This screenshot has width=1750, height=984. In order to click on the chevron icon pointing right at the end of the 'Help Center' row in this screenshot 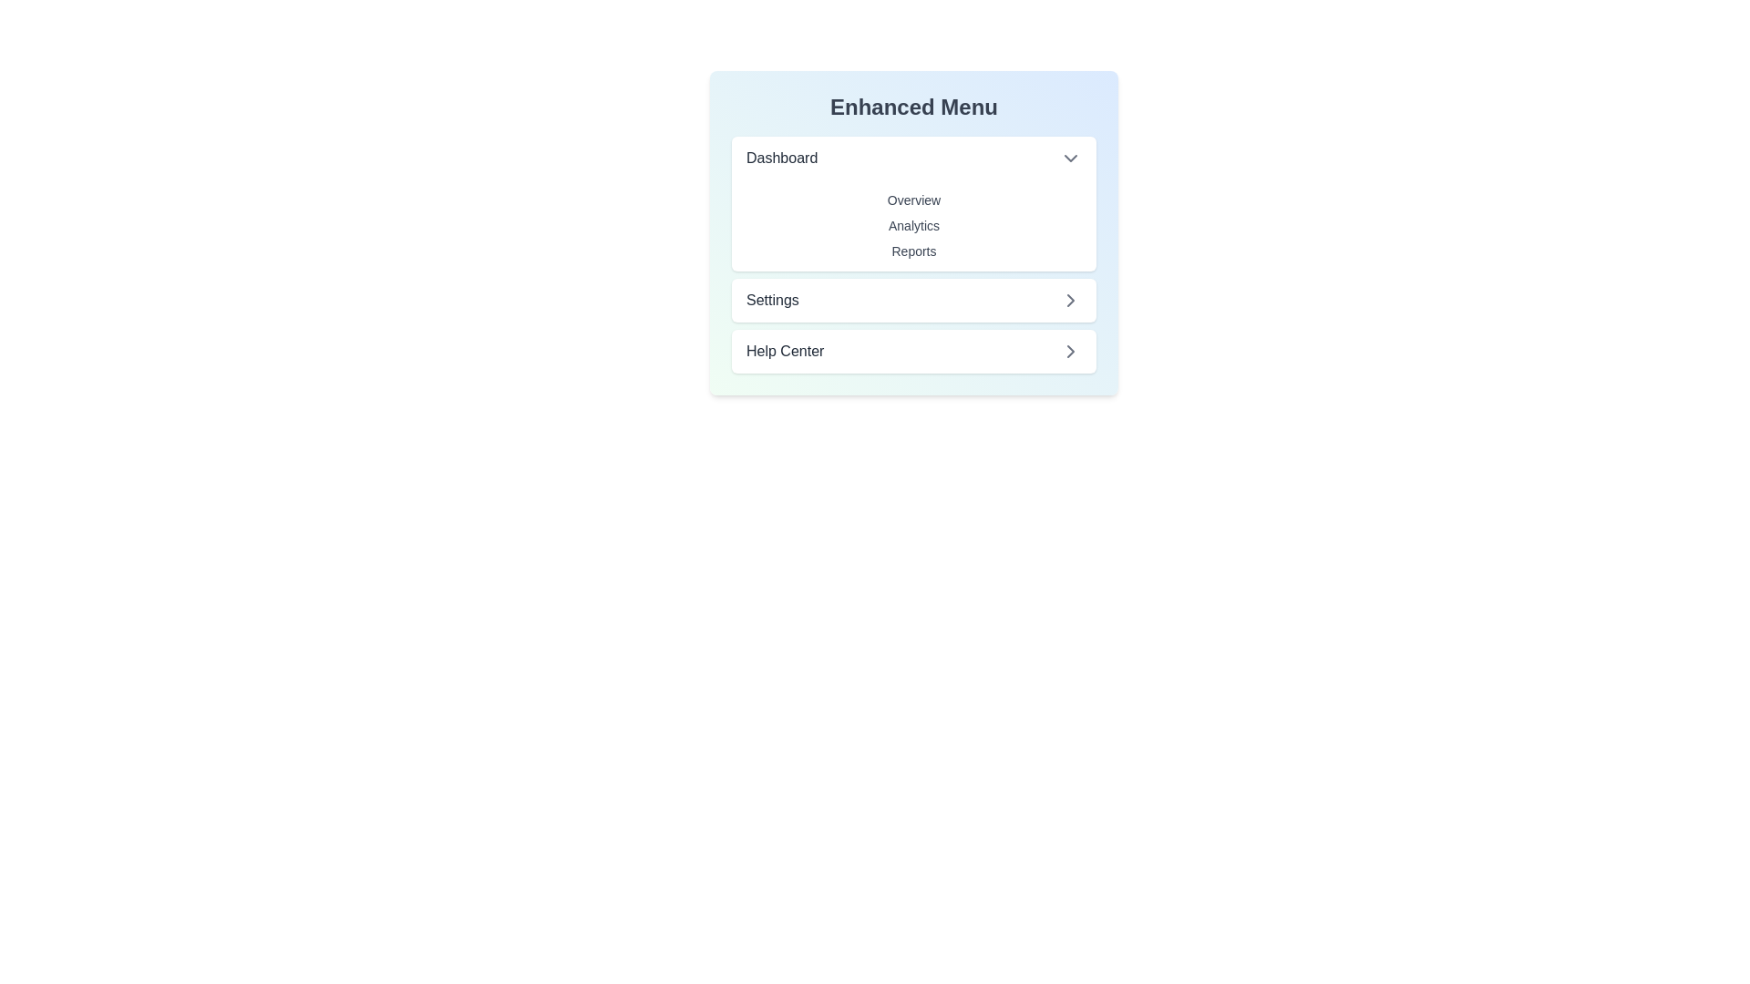, I will do `click(1071, 351)`.